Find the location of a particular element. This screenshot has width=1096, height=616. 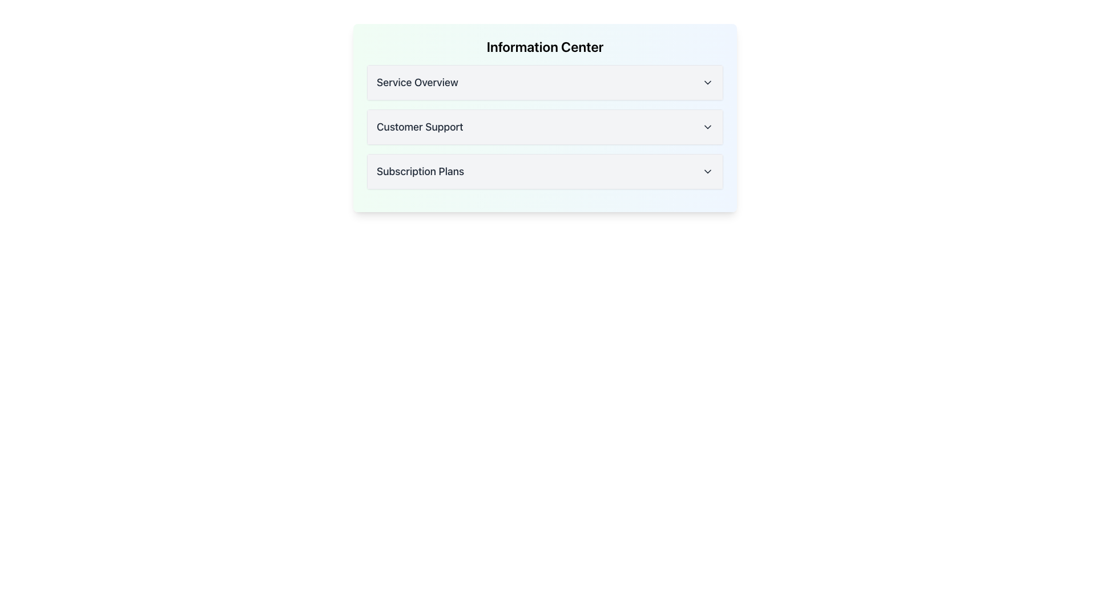

the downward-pointing chevron icon located at the far right inside the 'Service Overview' button is located at coordinates (707, 82).